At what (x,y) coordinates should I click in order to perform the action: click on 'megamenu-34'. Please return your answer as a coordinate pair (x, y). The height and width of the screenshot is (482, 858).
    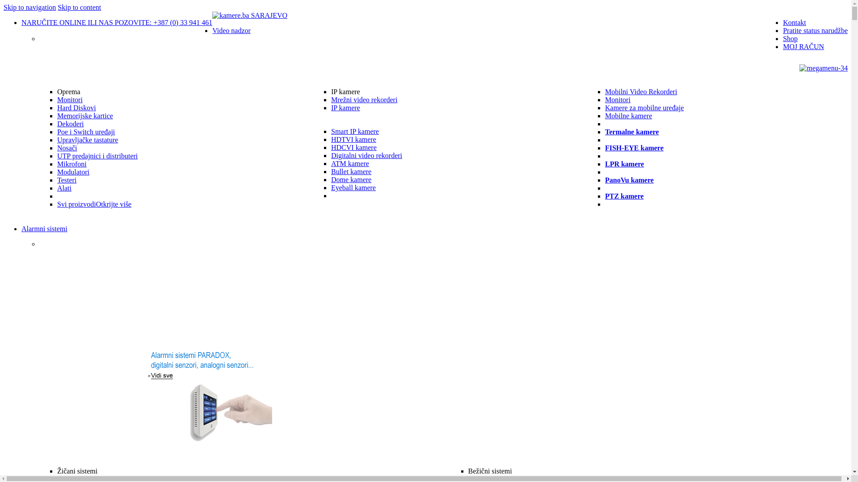
    Looking at the image, I should click on (823, 68).